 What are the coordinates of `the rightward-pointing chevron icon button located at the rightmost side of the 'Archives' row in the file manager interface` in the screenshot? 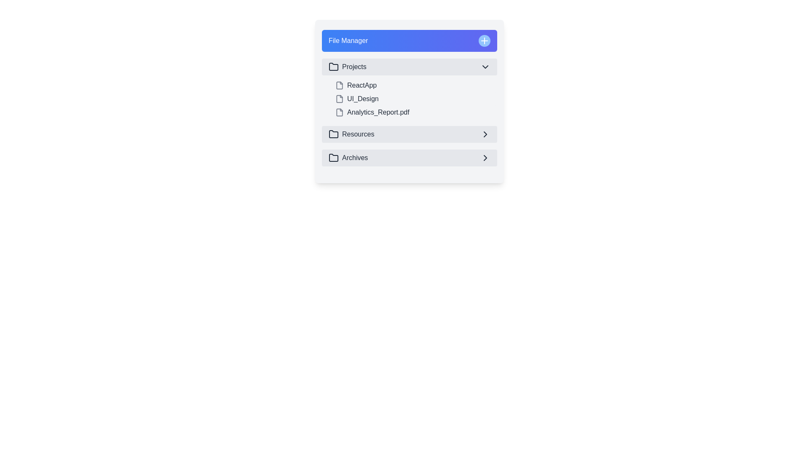 It's located at (485, 158).